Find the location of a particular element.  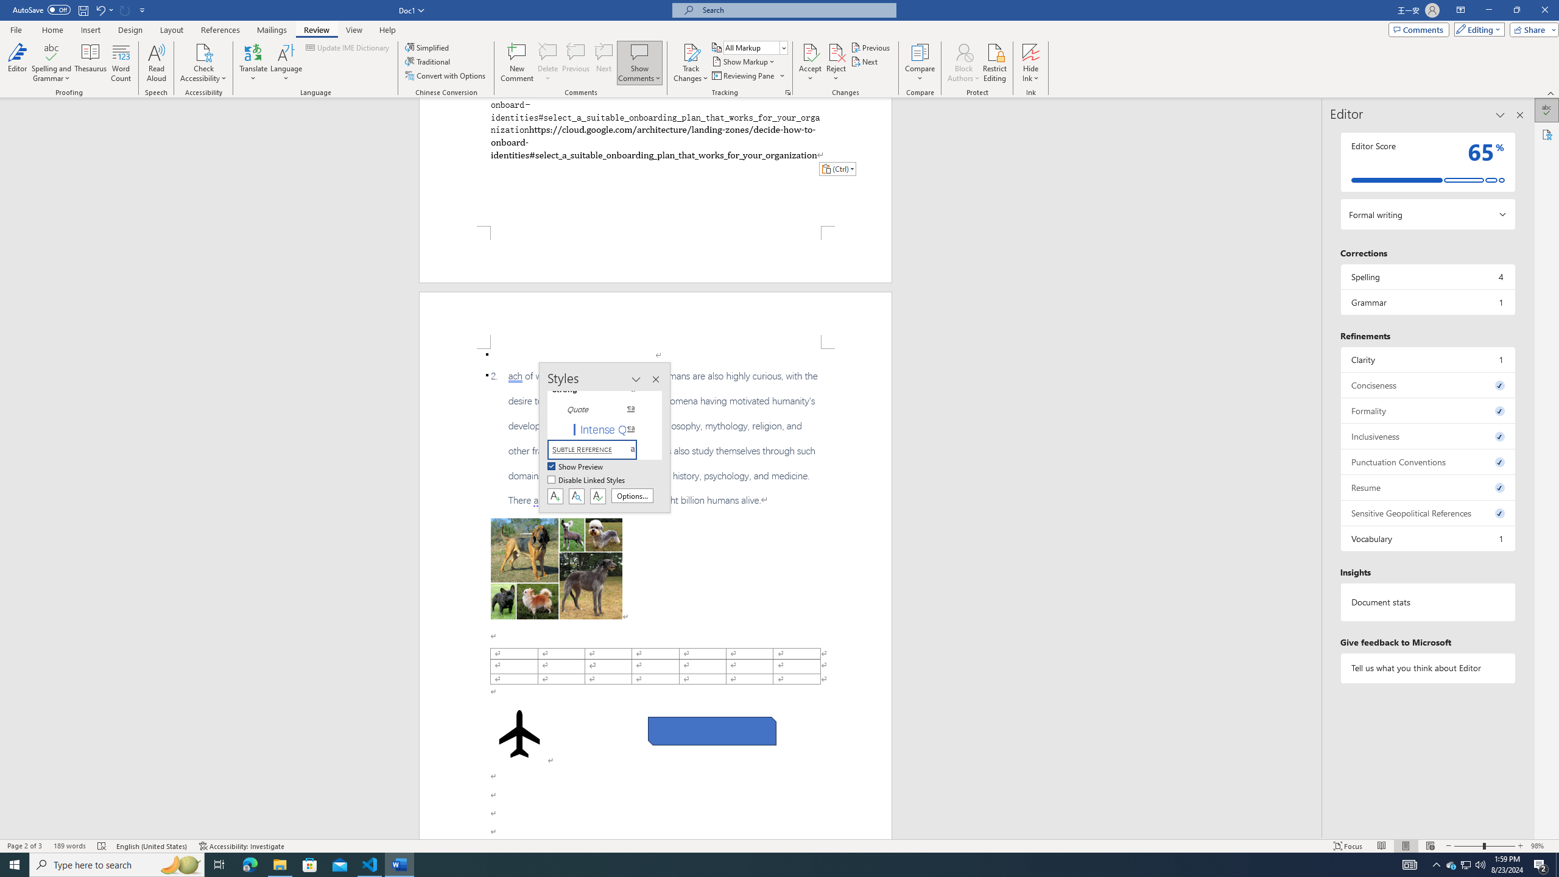

'Language' is located at coordinates (286, 63).